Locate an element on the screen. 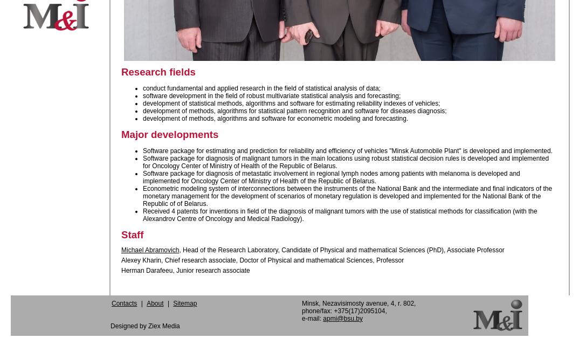 The image size is (586, 338). 'apmi@bsu.by' is located at coordinates (322, 318).